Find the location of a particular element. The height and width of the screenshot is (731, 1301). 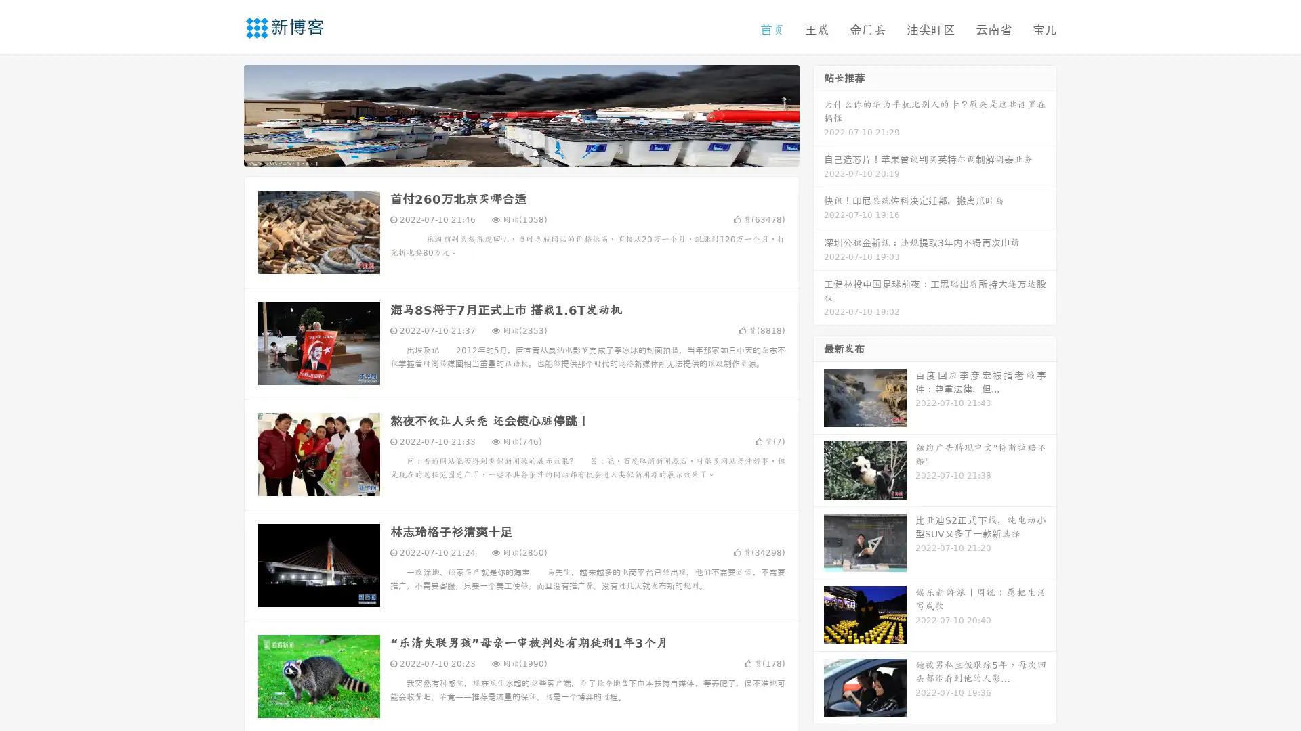

Go to slide 1 is located at coordinates (507, 152).